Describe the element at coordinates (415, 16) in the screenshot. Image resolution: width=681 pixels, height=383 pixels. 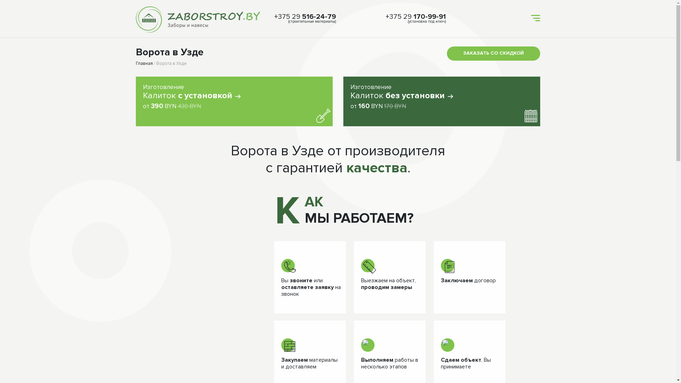
I see `'+375 29 170-99-91'` at that location.